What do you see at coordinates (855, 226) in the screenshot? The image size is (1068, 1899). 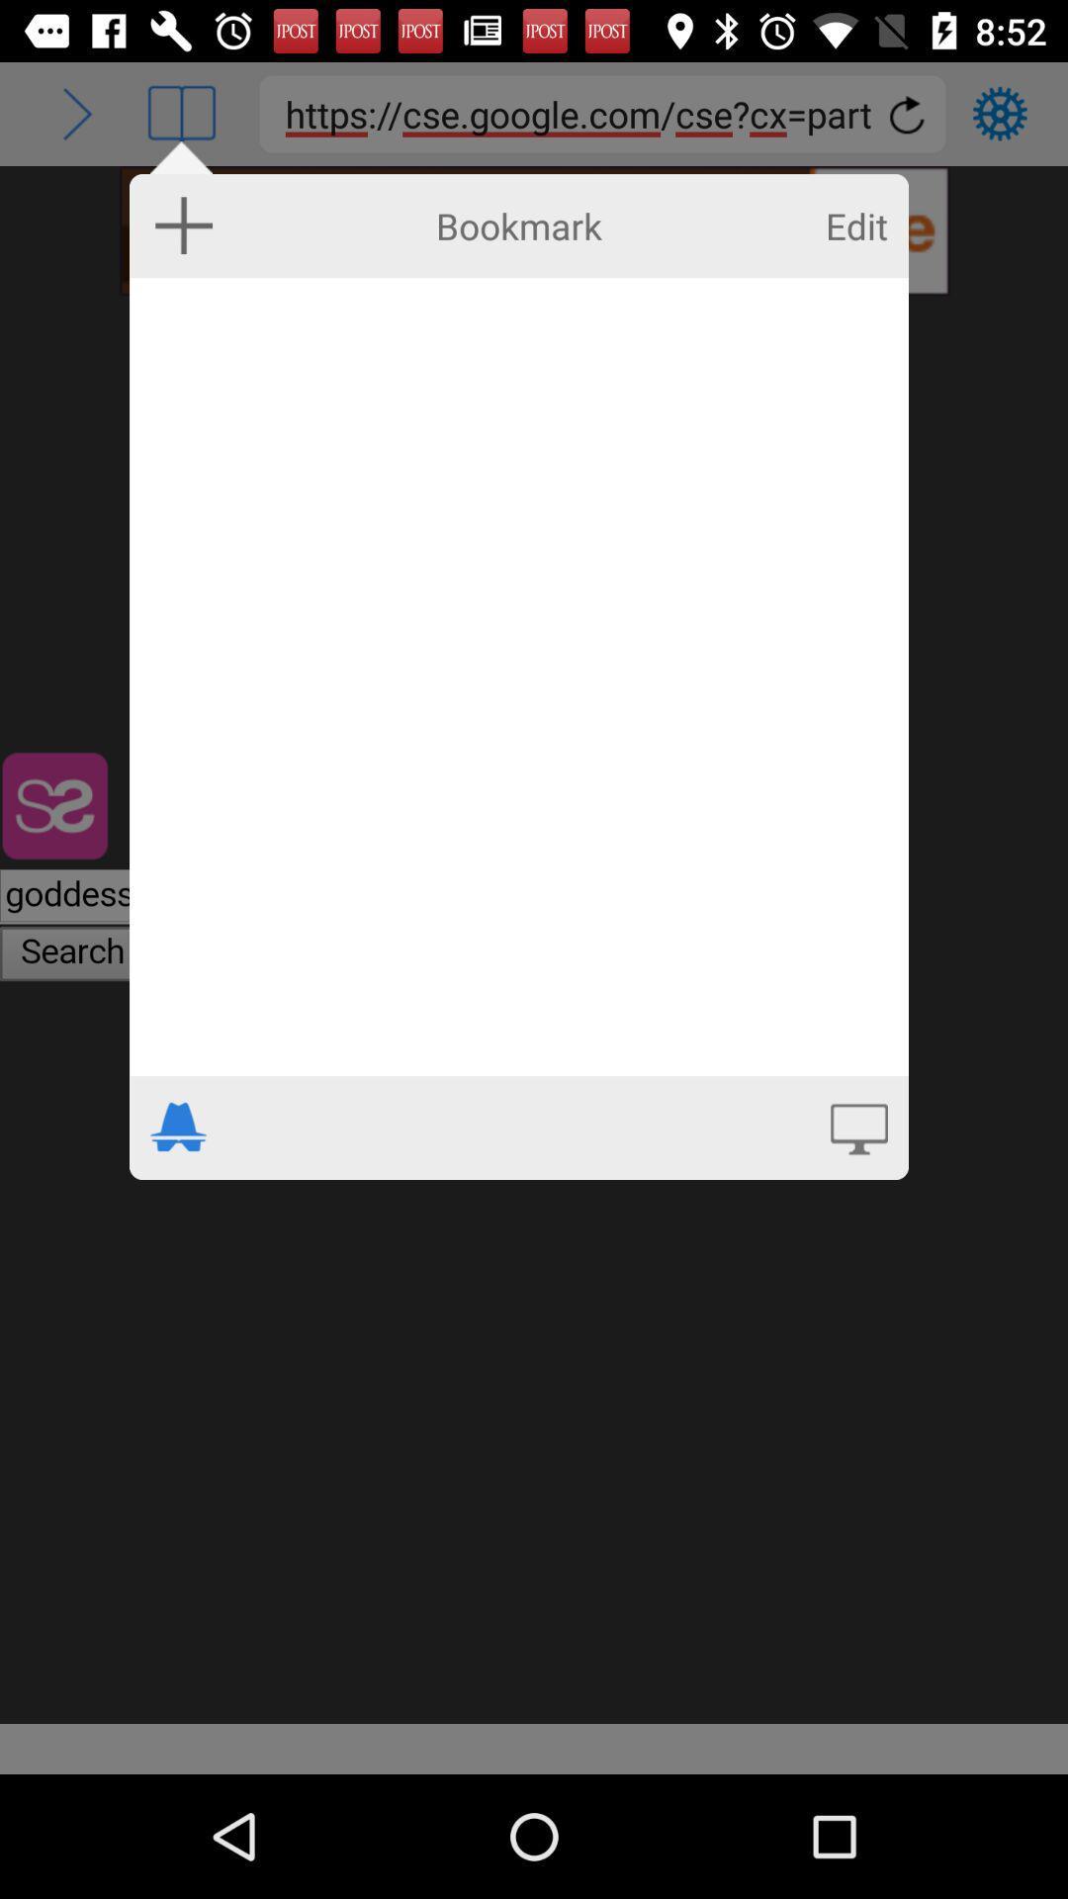 I see `the item next to bookmark item` at bounding box center [855, 226].